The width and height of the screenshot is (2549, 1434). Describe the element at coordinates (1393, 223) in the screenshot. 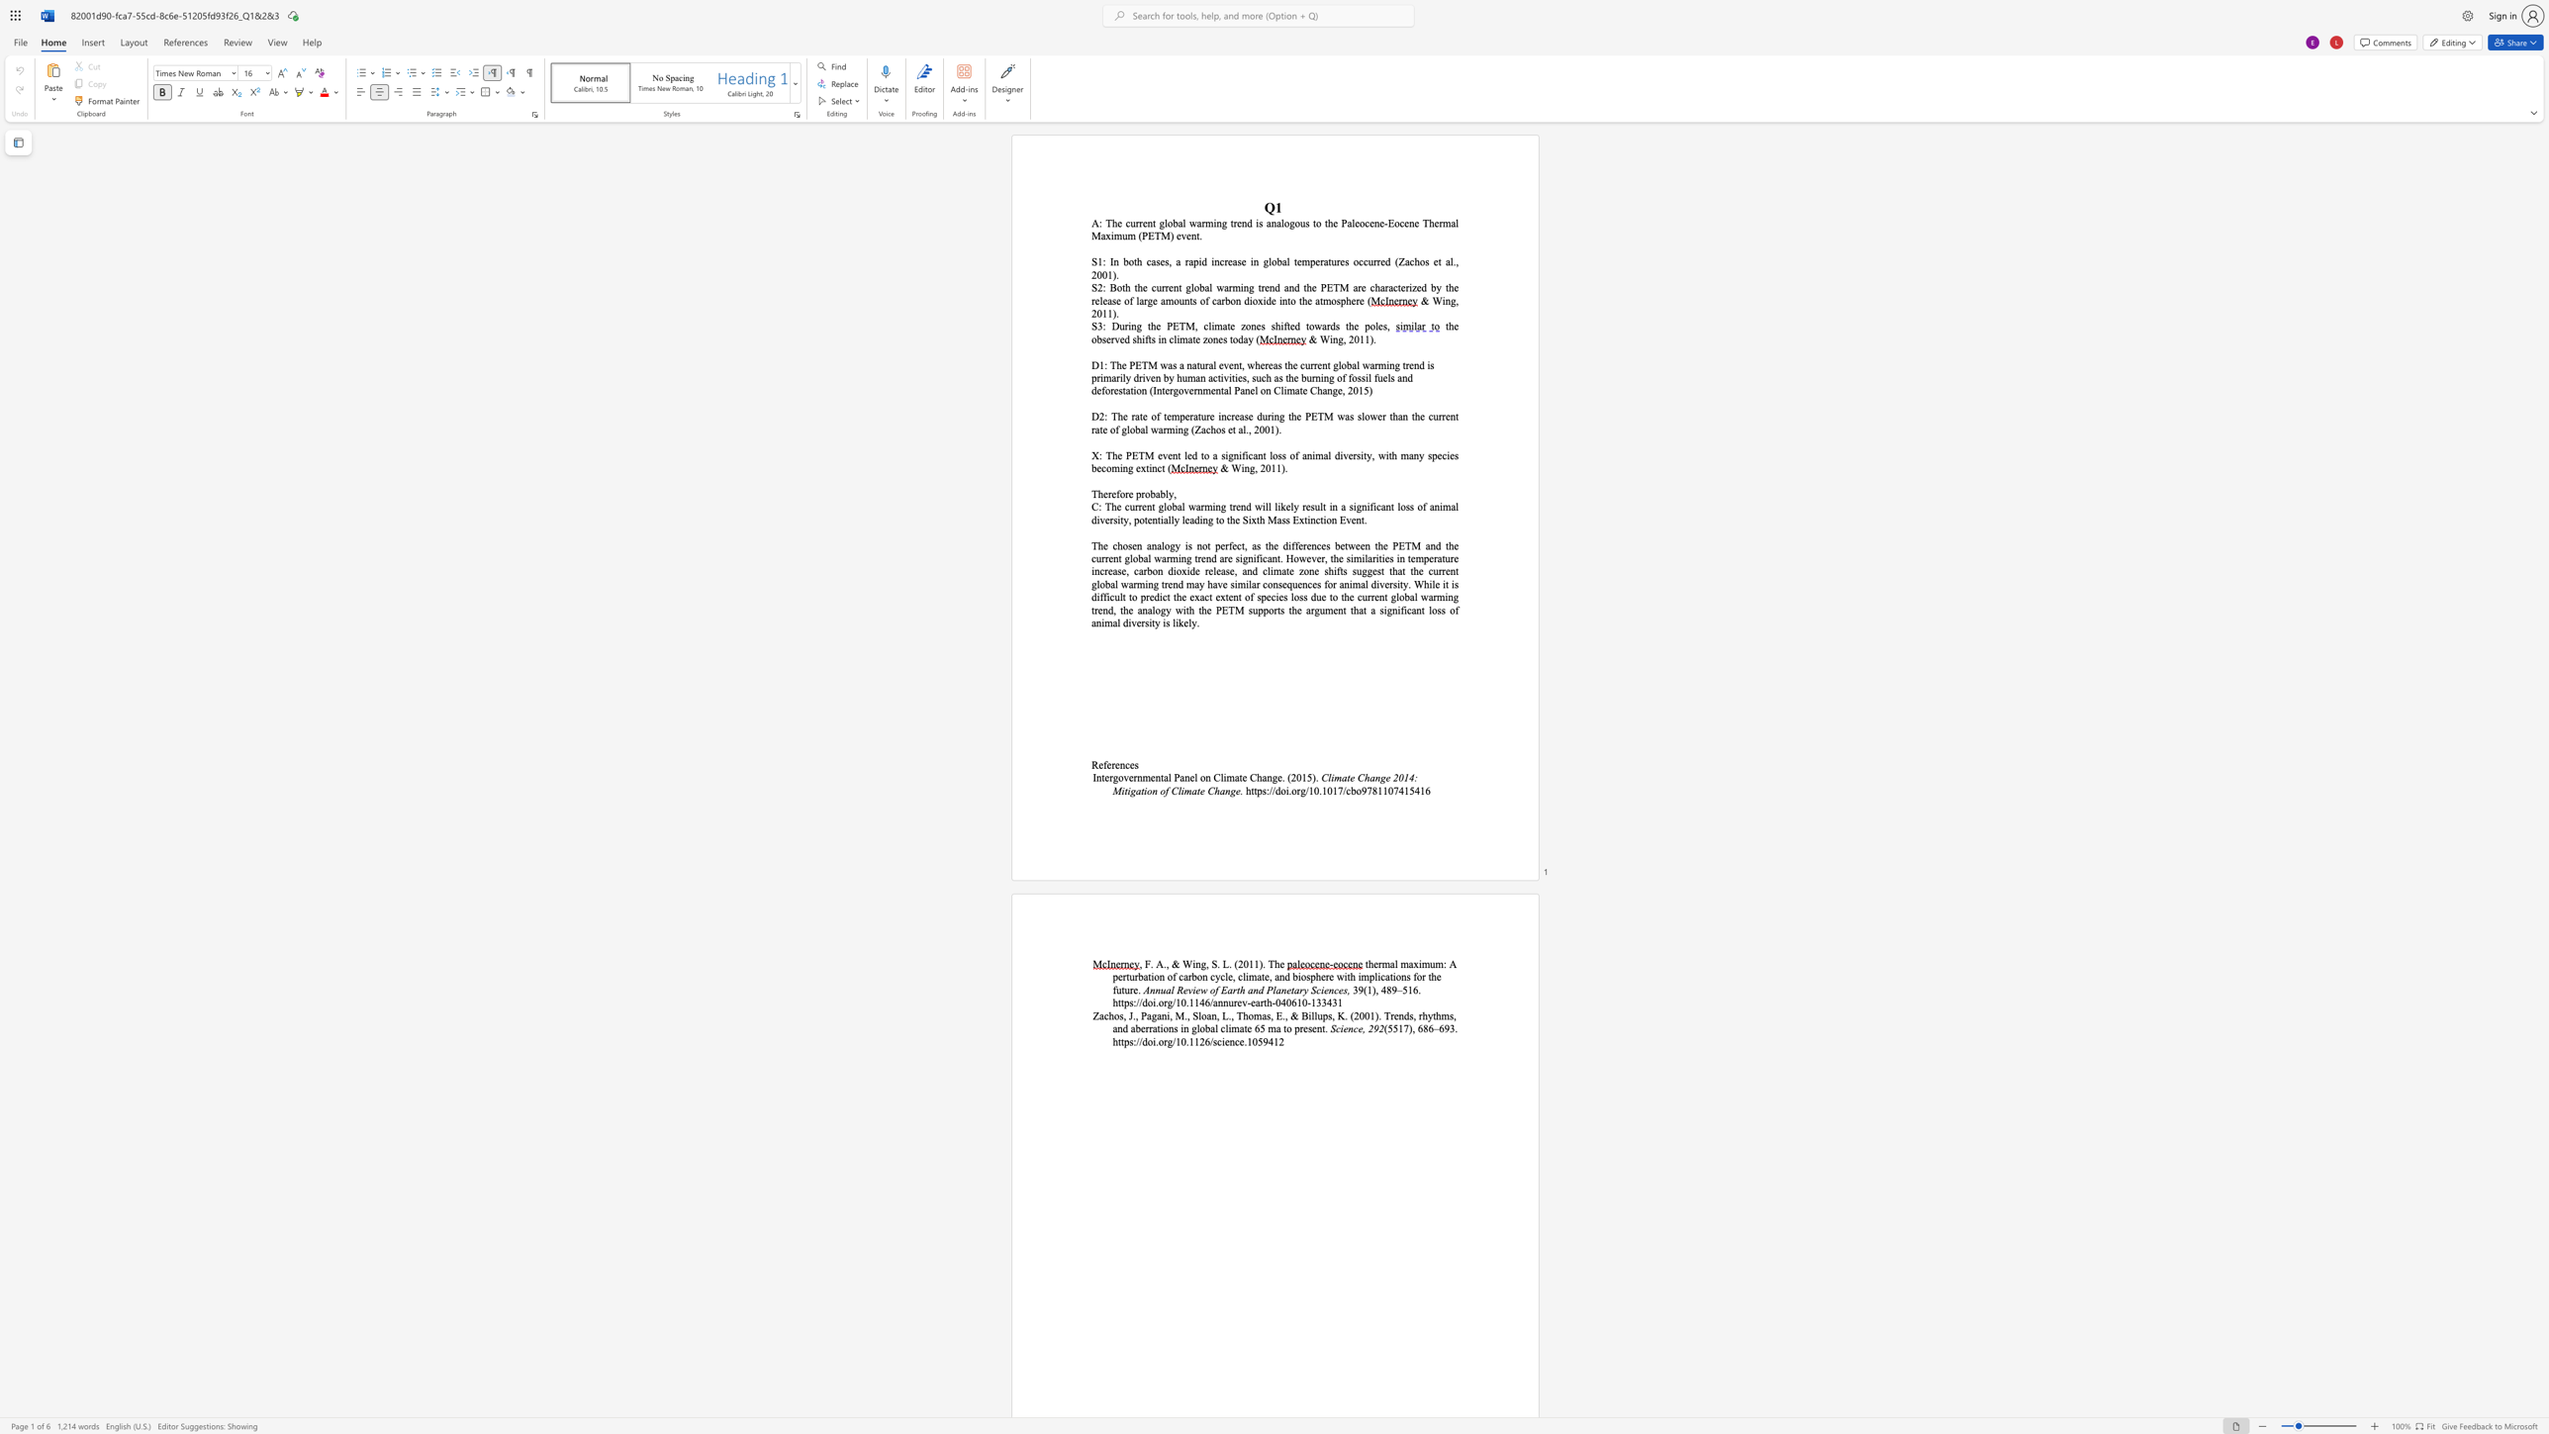

I see `the subset text "ocene Thermal M" within the text "A: The current global warming trend is analogous to the Paleocene-Eocene Thermal Maximum (PETM) event."` at that location.